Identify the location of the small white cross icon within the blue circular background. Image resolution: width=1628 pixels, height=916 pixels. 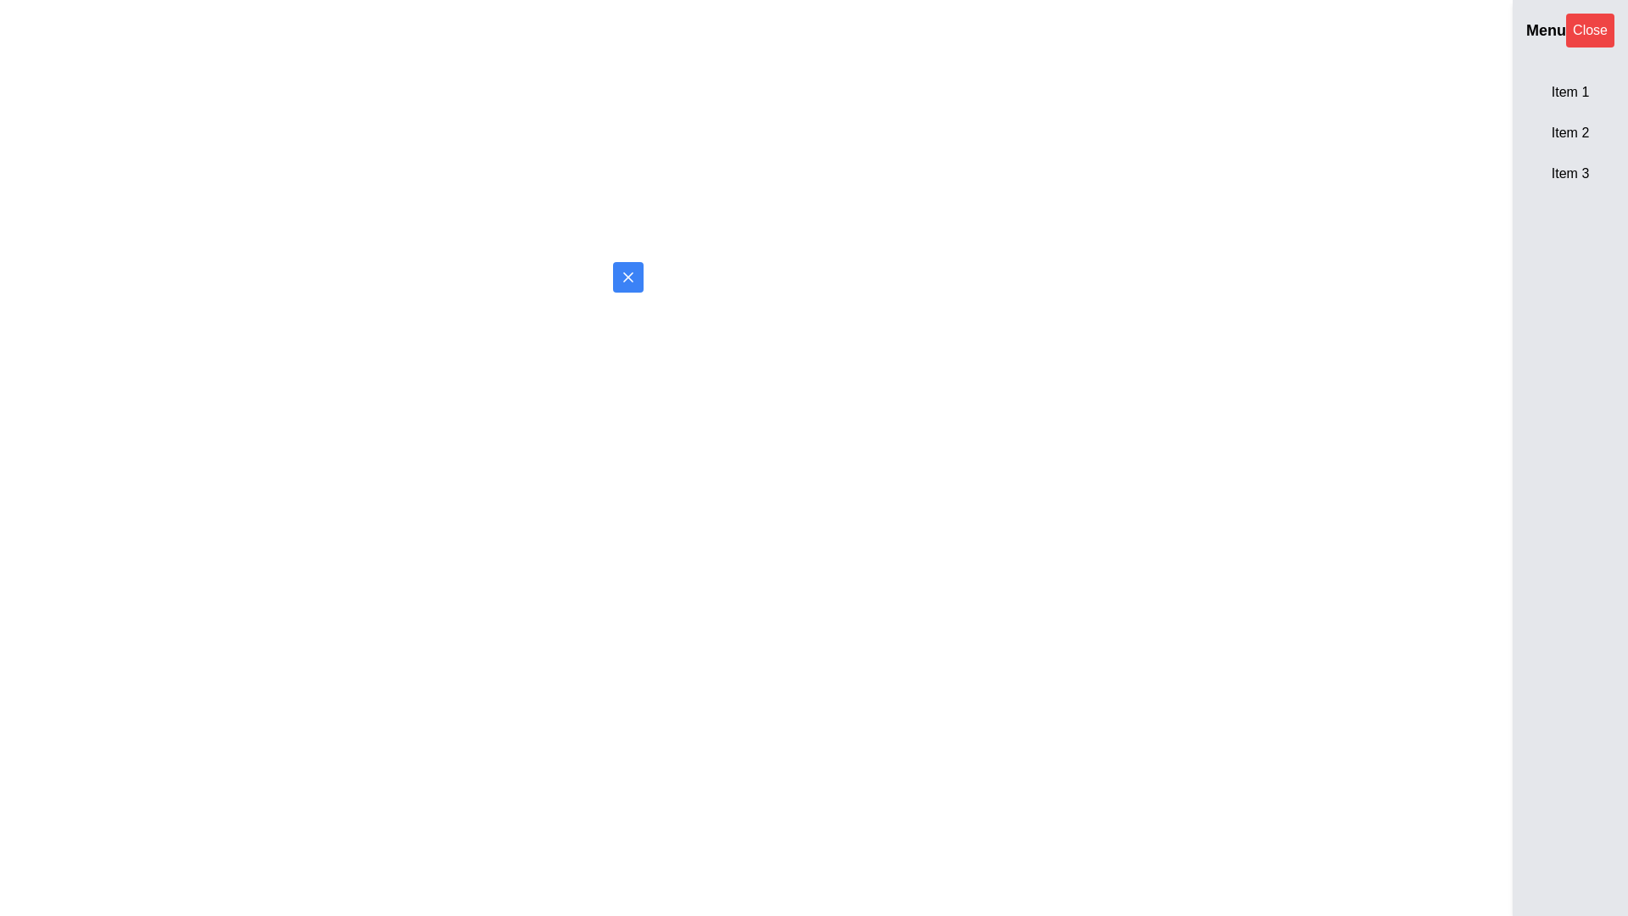
(627, 276).